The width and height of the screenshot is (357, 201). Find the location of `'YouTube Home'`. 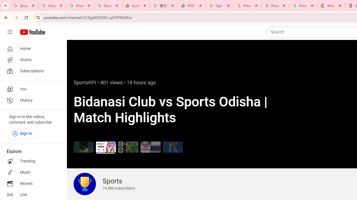

'YouTube Home' is located at coordinates (32, 32).